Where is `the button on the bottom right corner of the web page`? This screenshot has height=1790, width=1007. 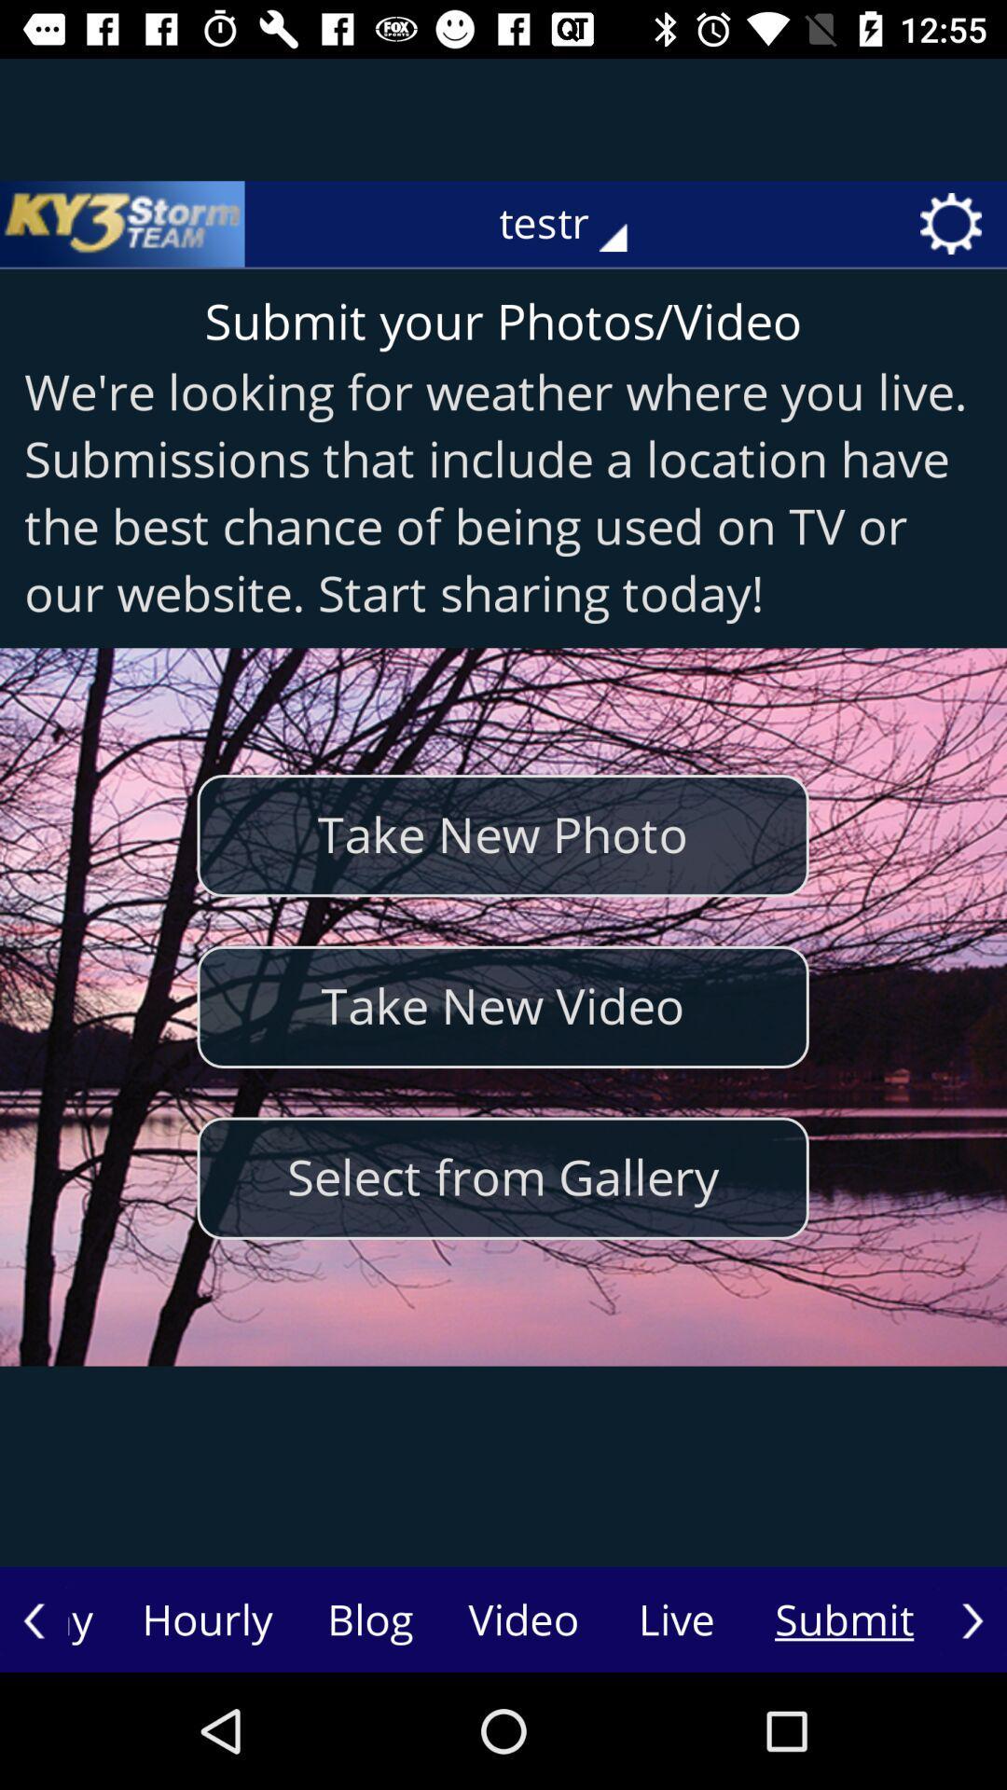 the button on the bottom right corner of the web page is located at coordinates (972, 1619).